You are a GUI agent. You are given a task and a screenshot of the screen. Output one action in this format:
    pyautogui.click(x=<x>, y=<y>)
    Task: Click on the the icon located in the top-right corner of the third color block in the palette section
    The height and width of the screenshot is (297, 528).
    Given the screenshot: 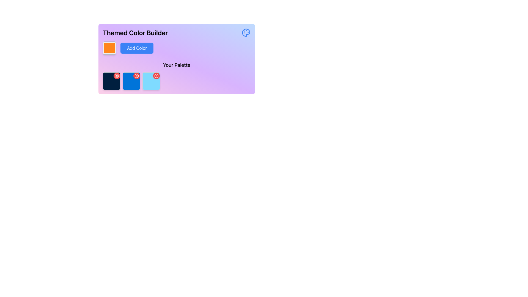 What is the action you would take?
    pyautogui.click(x=156, y=76)
    